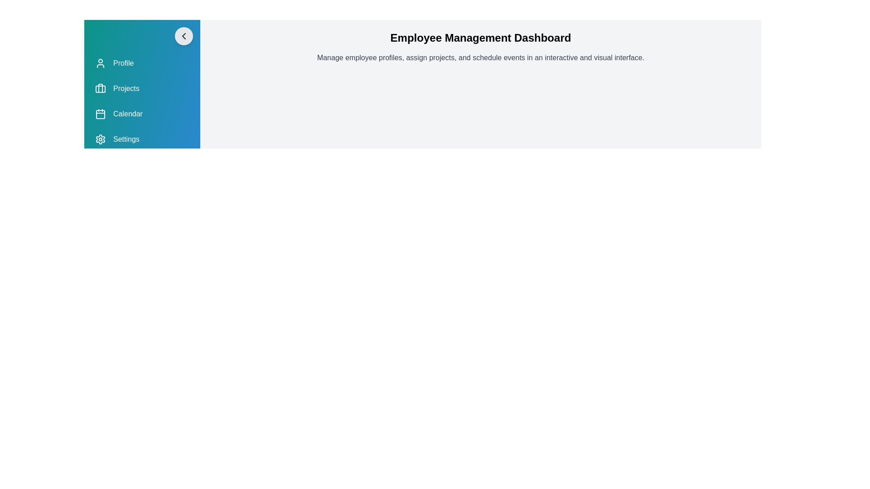  What do you see at coordinates (141, 62) in the screenshot?
I see `the navigation item Profile from the drawer` at bounding box center [141, 62].